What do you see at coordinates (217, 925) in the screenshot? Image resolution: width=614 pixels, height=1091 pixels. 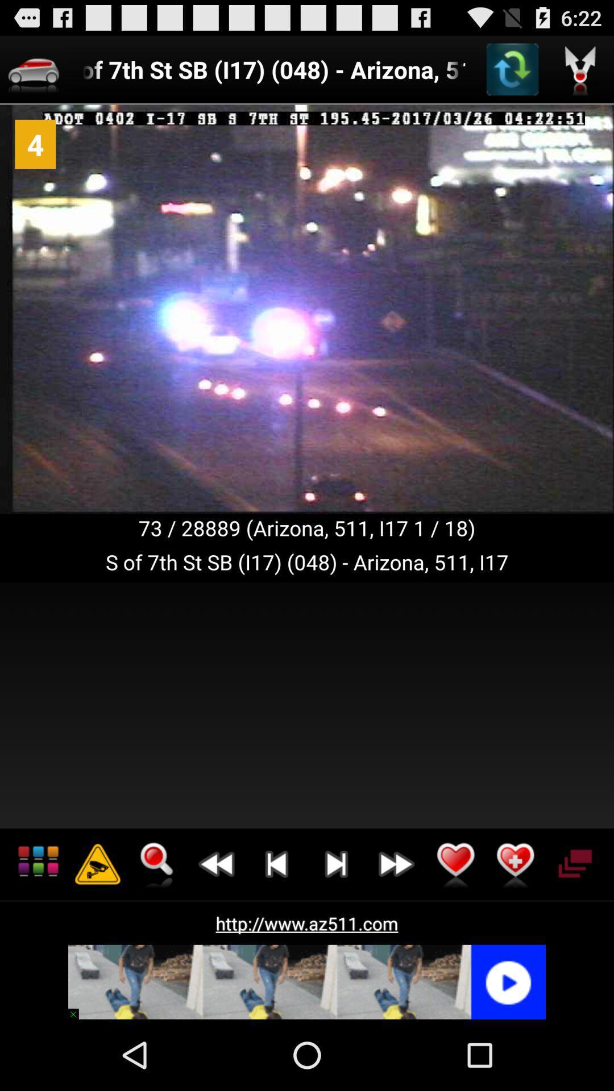 I see `the av_rewind icon` at bounding box center [217, 925].